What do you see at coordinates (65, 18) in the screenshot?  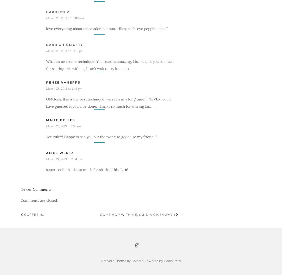 I see `'March 23, 2013 at 10:06 am'` at bounding box center [65, 18].